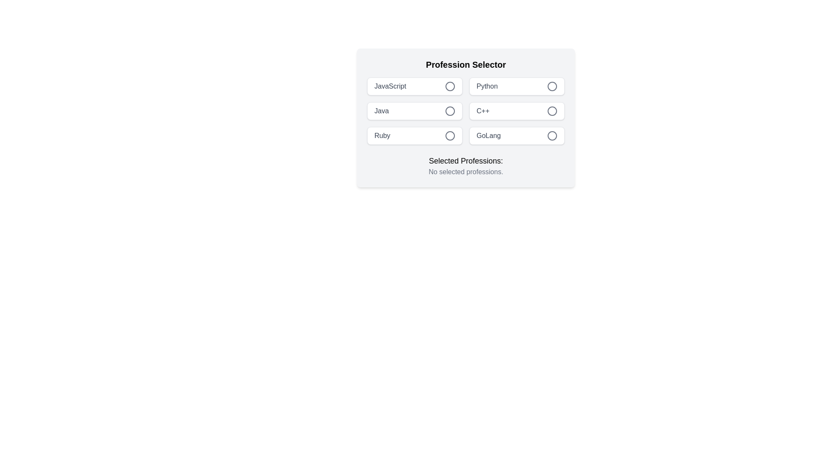  Describe the element at coordinates (552, 111) in the screenshot. I see `the interactive circular selection indicator for the 'C++' option` at that location.